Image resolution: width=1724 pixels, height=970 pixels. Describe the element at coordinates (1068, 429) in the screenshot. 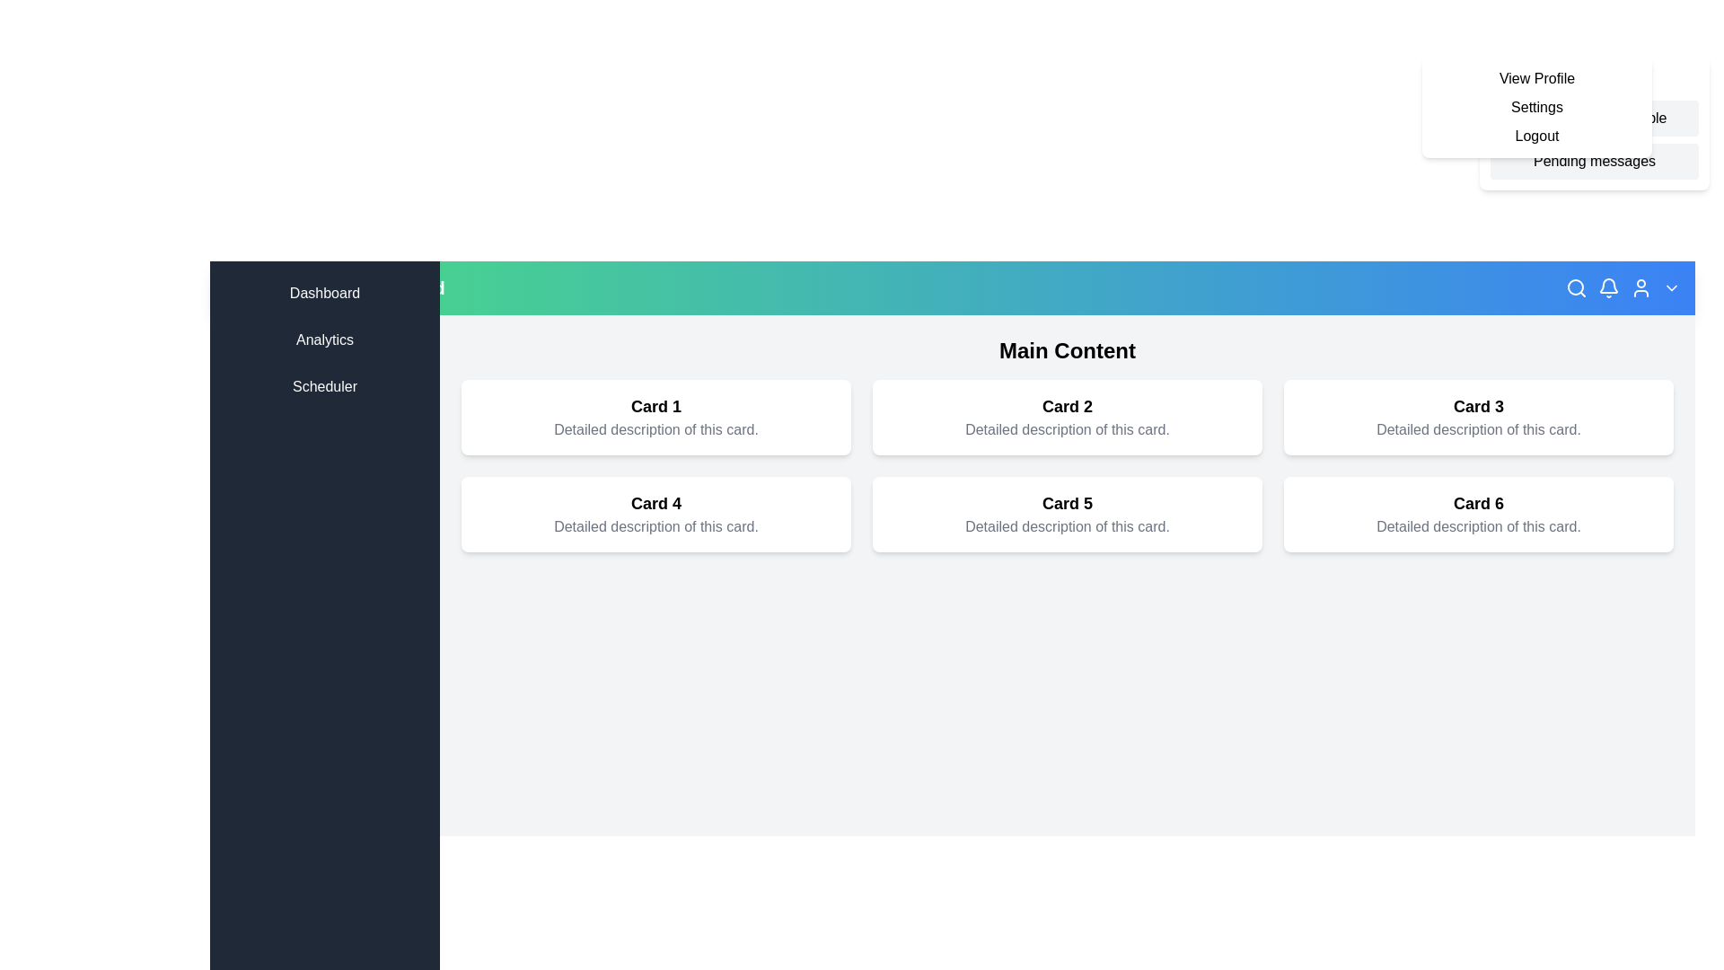

I see `the text label displaying 'Detailed description of this card.' which is located within 'Card 2', positioned directly below the title text in a card layout` at that location.